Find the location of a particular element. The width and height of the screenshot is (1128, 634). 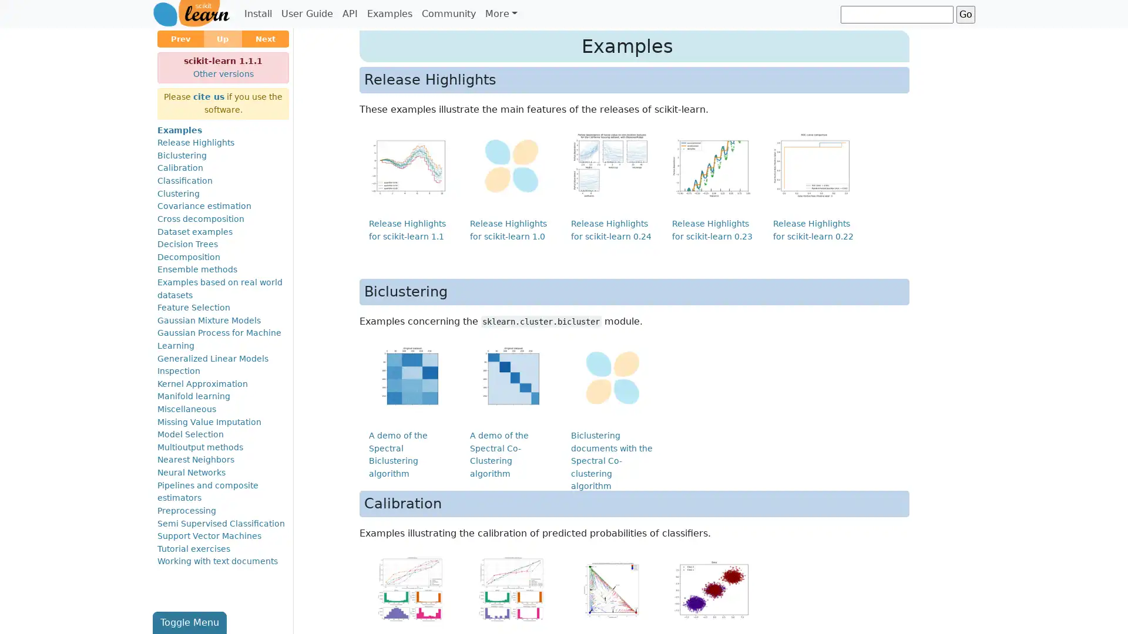

Go is located at coordinates (965, 14).